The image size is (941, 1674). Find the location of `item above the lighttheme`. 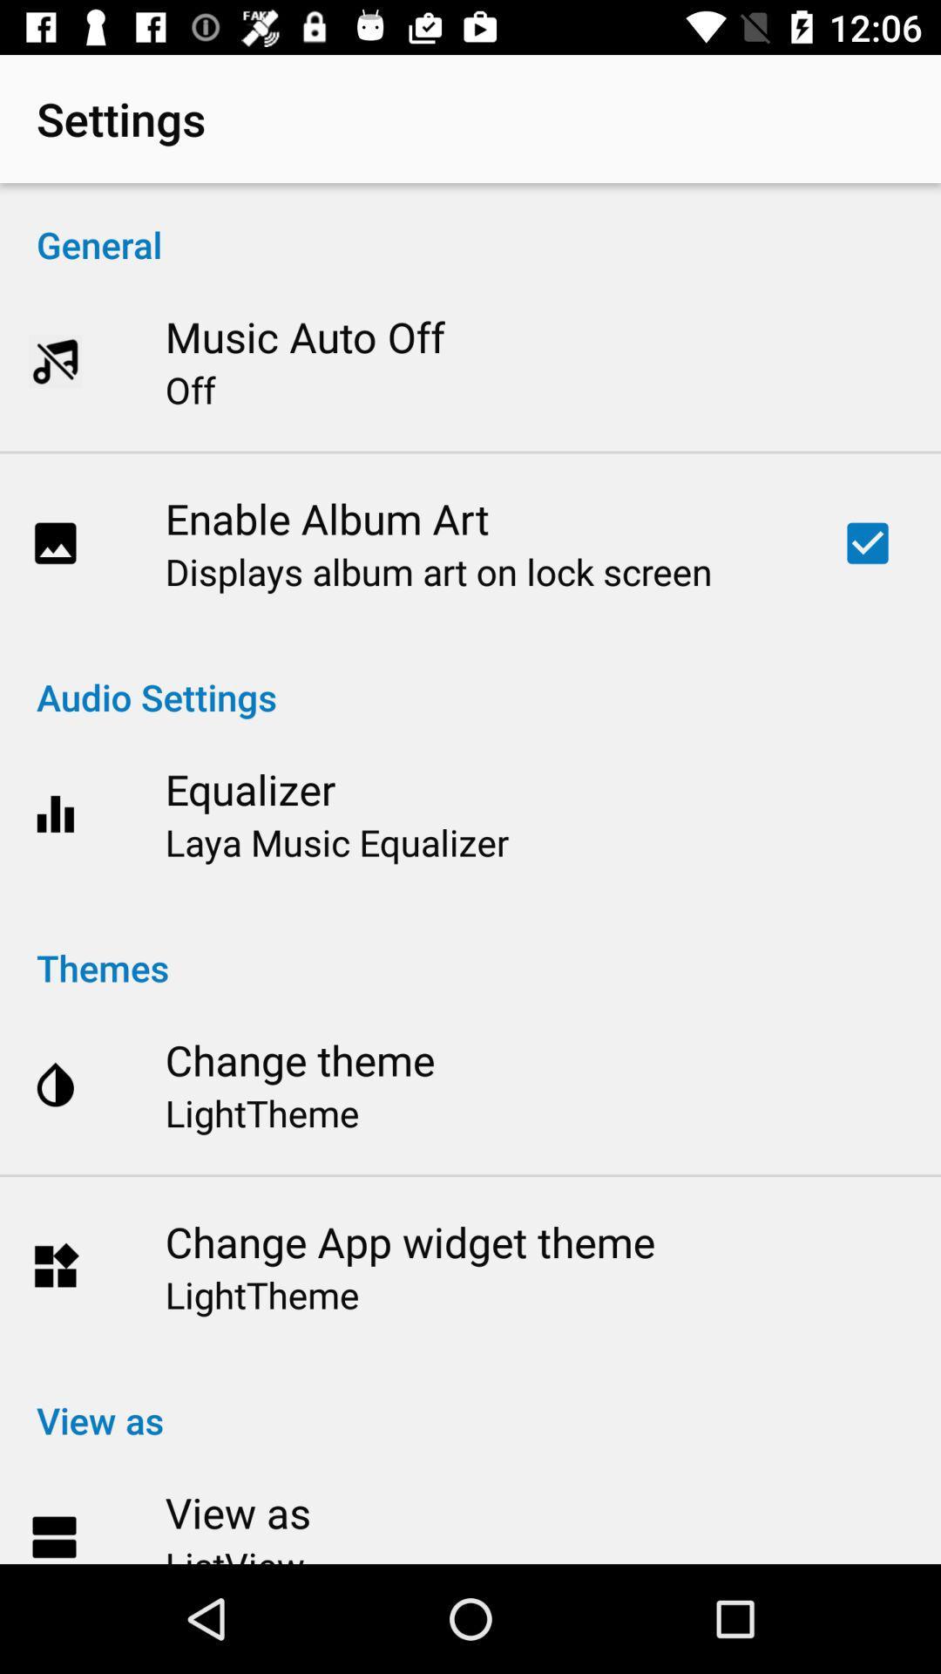

item above the lighttheme is located at coordinates (410, 1241).